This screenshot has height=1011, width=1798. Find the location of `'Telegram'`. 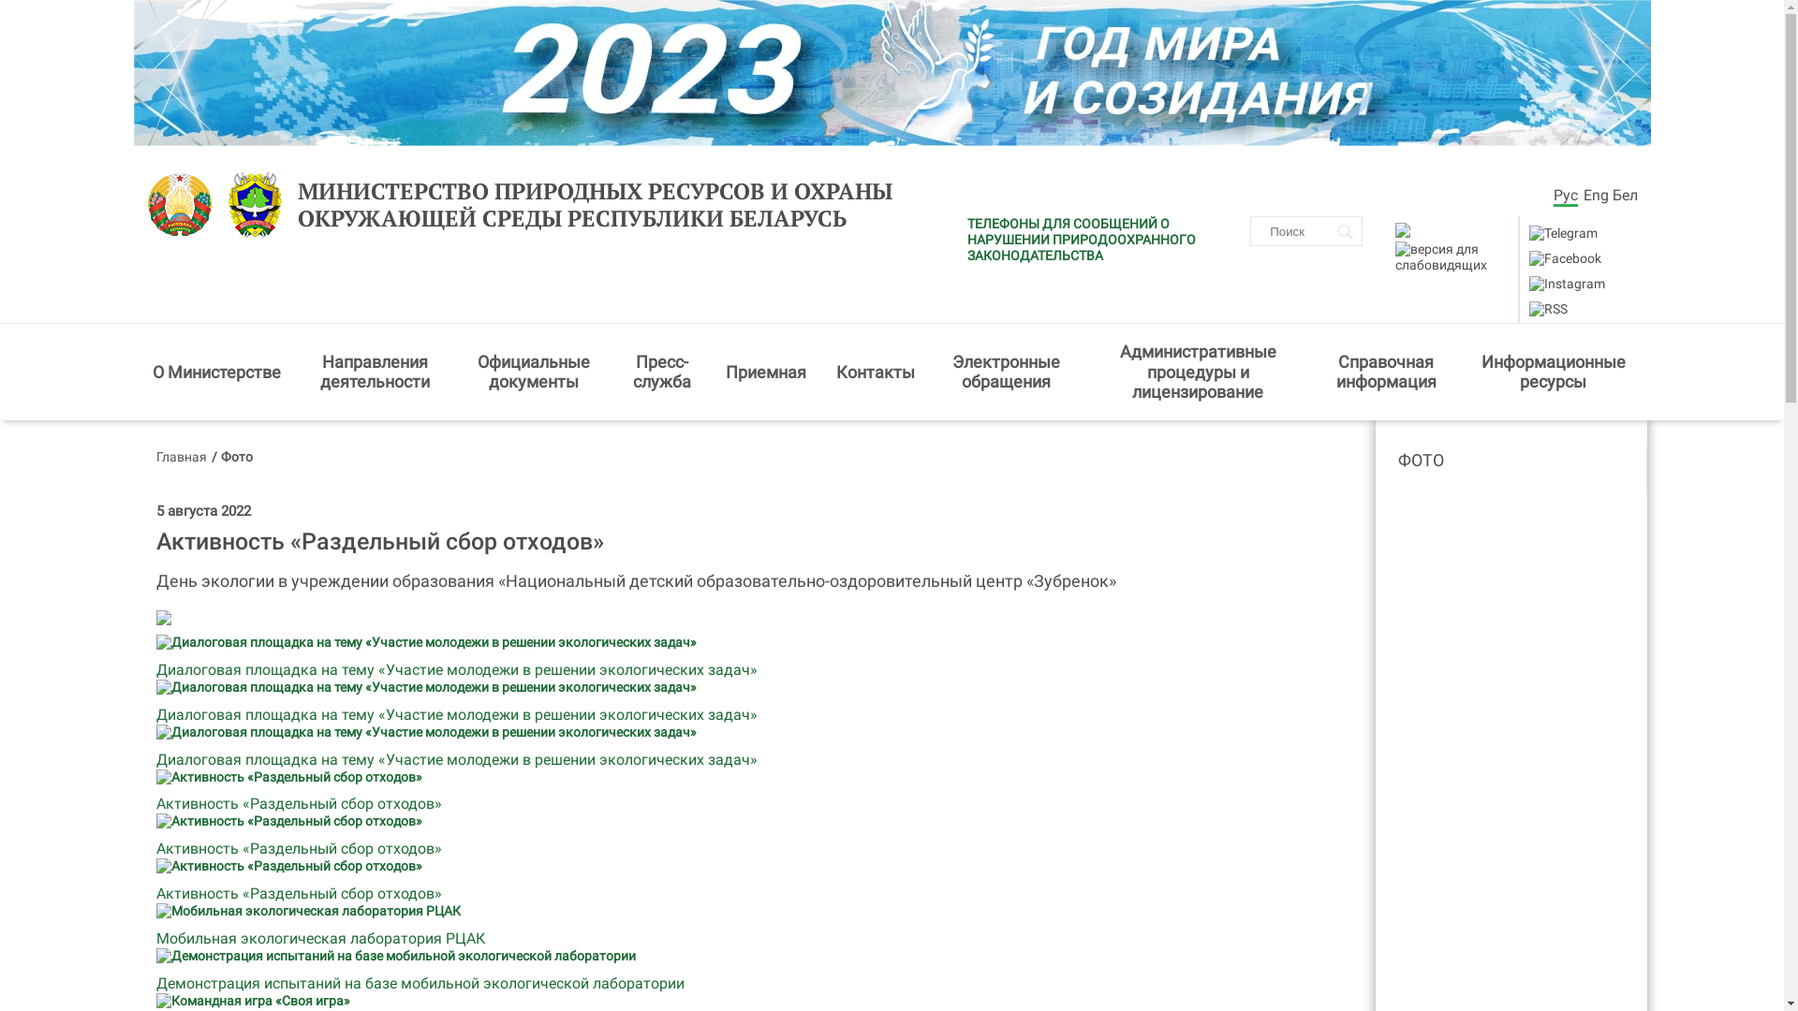

'Telegram' is located at coordinates (1563, 232).